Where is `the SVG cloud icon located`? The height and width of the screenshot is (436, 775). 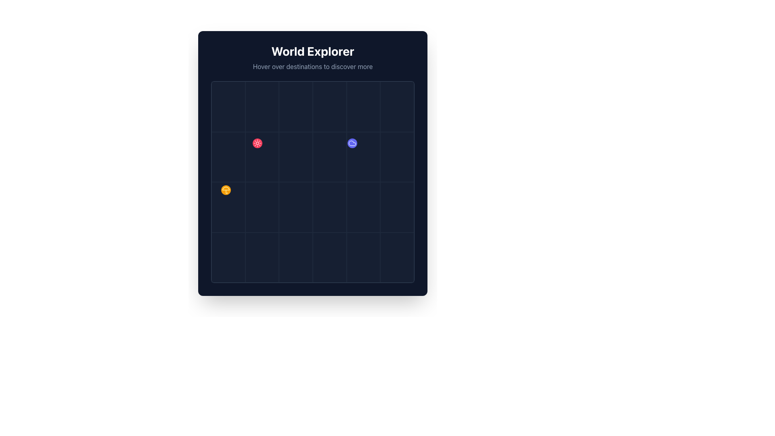 the SVG cloud icon located is located at coordinates (352, 143).